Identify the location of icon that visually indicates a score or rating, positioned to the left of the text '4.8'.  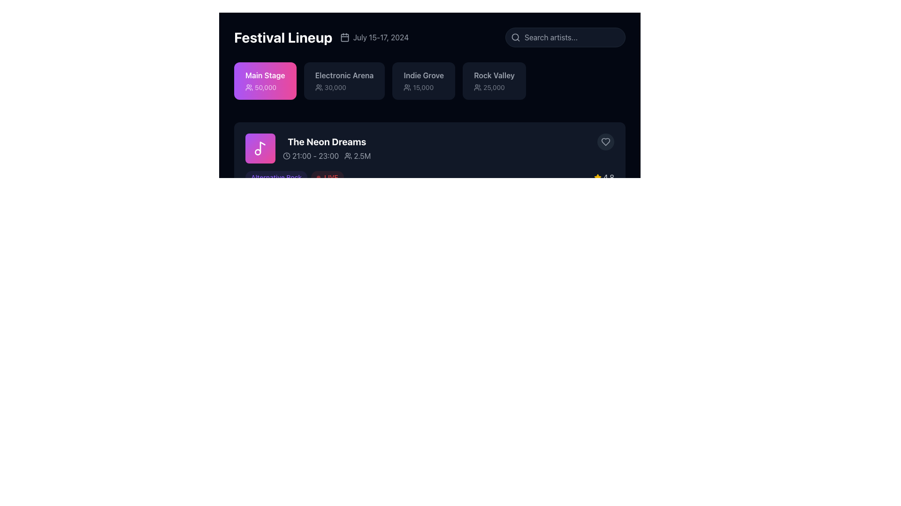
(597, 177).